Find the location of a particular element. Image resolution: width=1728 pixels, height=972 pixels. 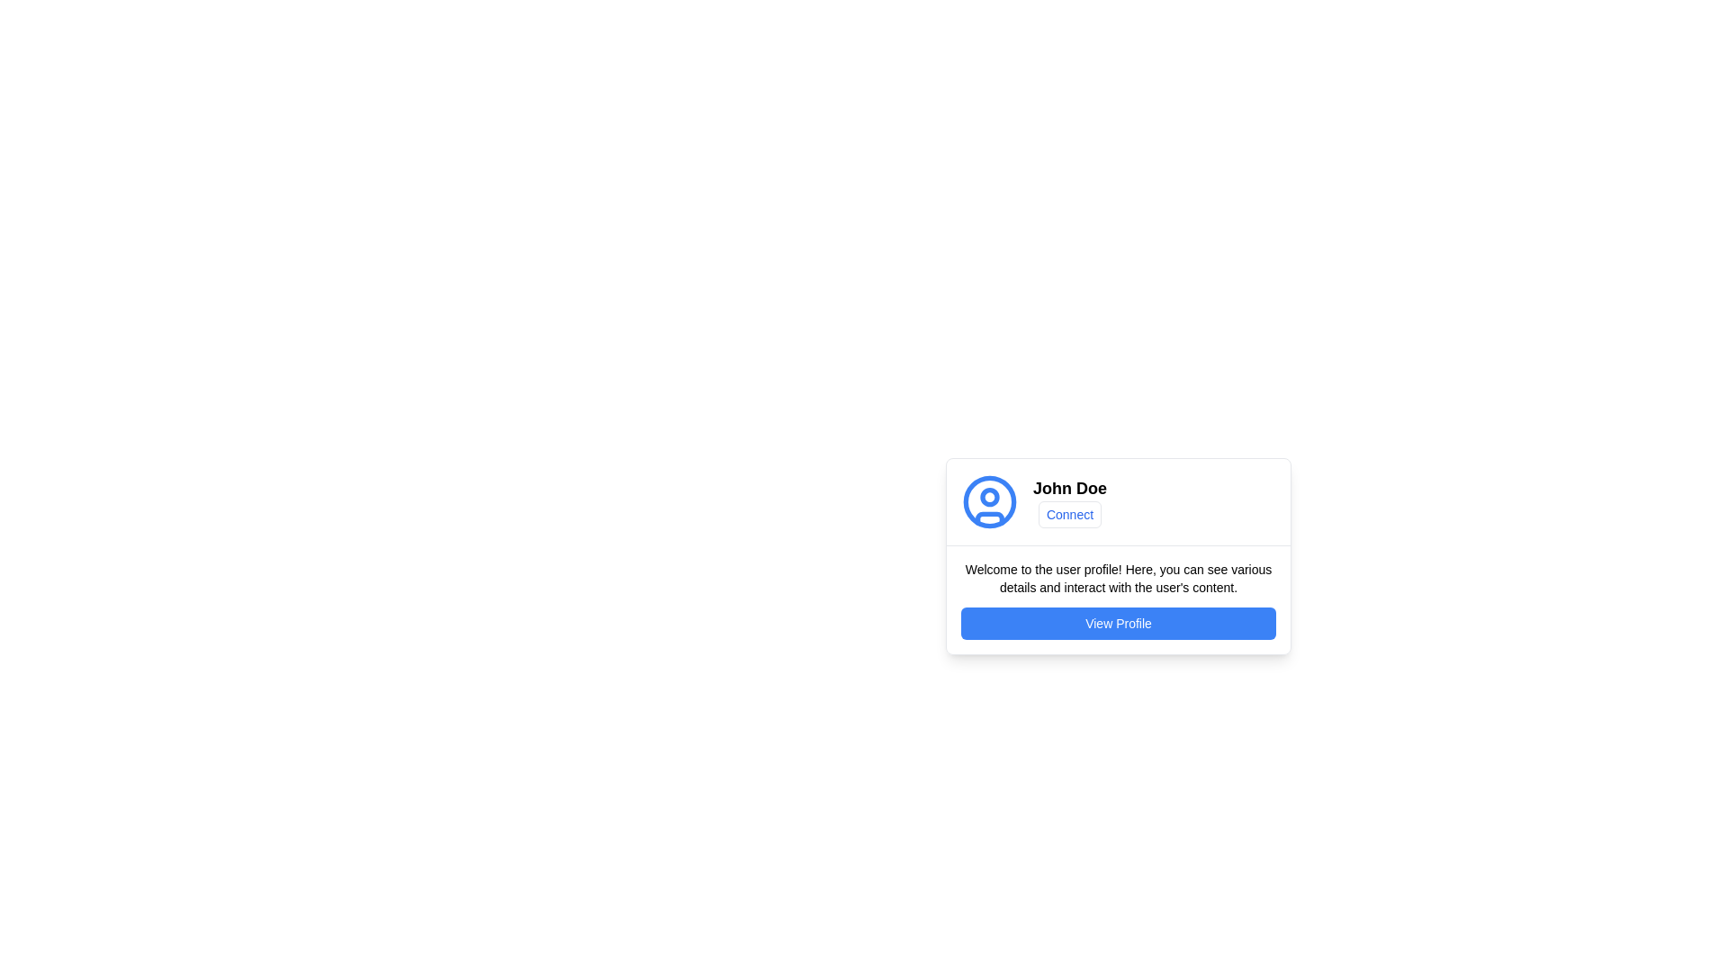

the user icon representing 'John Doe', which is styled in blue and located at the top left corner of the user information panel, to access adjacent elements like the text and 'Connect' button is located at coordinates (988, 502).